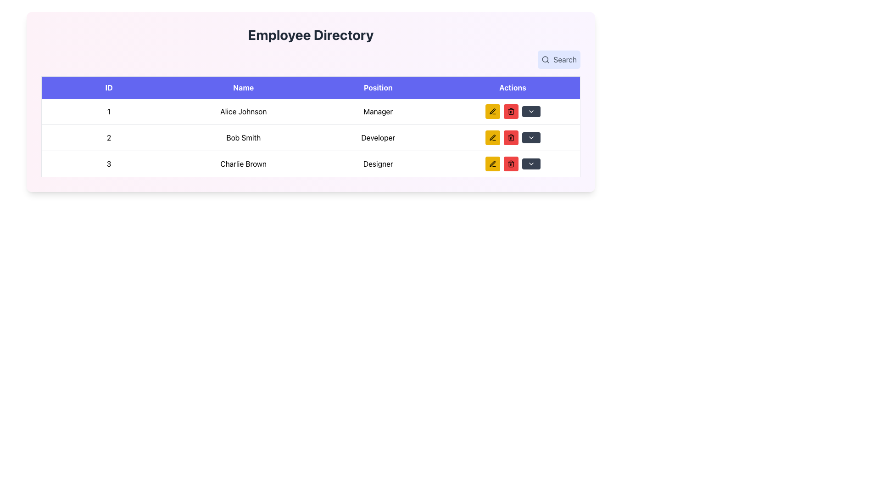 The height and width of the screenshot is (496, 881). What do you see at coordinates (492, 138) in the screenshot?
I see `the edit icon button` at bounding box center [492, 138].